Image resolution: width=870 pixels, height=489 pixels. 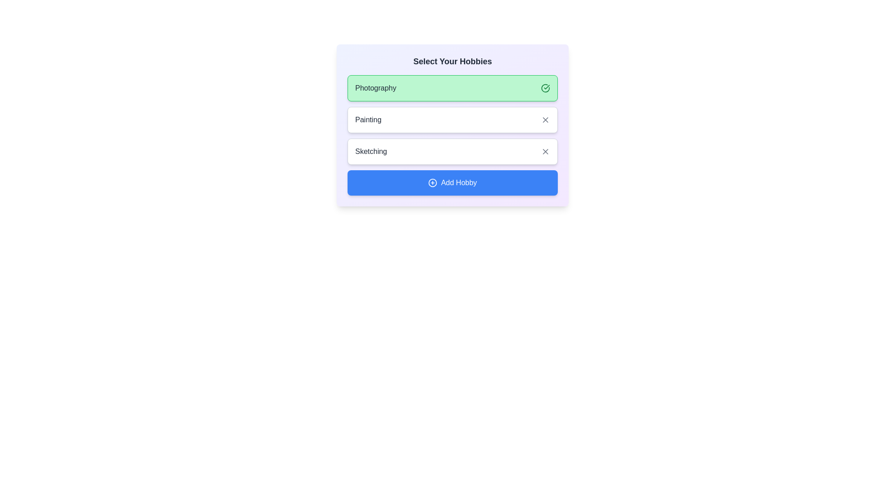 What do you see at coordinates (452, 183) in the screenshot?
I see `the 'Add Hobby' button to add a new chip` at bounding box center [452, 183].